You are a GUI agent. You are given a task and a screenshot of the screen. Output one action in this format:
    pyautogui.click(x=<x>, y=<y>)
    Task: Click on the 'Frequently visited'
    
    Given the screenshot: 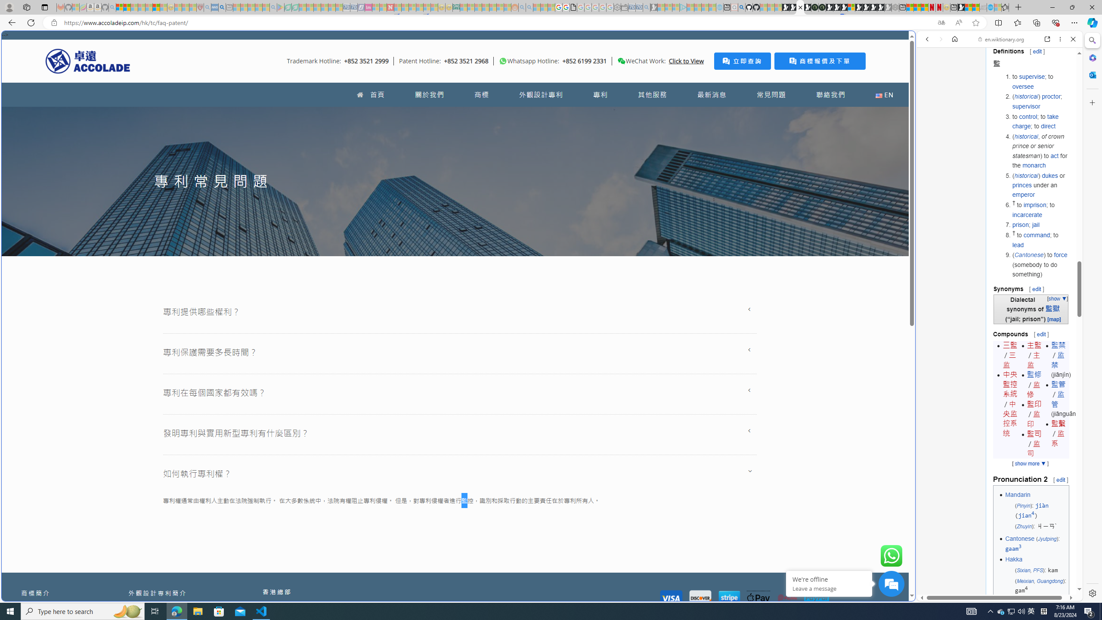 What is the action you would take?
    pyautogui.click(x=731, y=114)
    